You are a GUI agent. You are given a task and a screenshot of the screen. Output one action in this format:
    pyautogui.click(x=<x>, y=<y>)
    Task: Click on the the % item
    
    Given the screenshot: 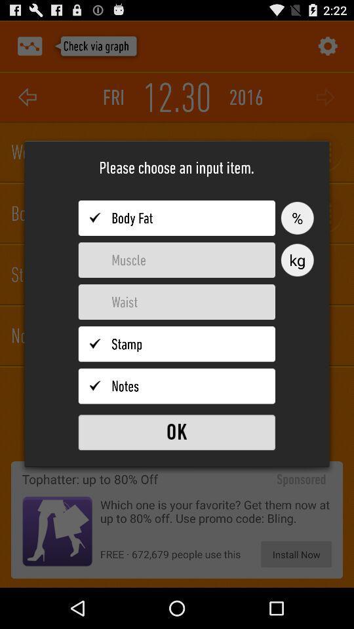 What is the action you would take?
    pyautogui.click(x=297, y=218)
    